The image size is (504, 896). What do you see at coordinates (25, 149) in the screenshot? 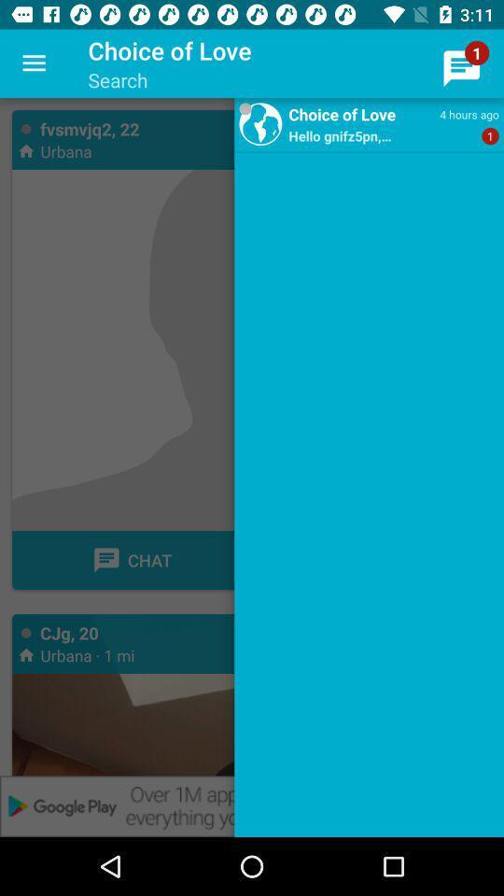
I see `first home icon at left side` at bounding box center [25, 149].